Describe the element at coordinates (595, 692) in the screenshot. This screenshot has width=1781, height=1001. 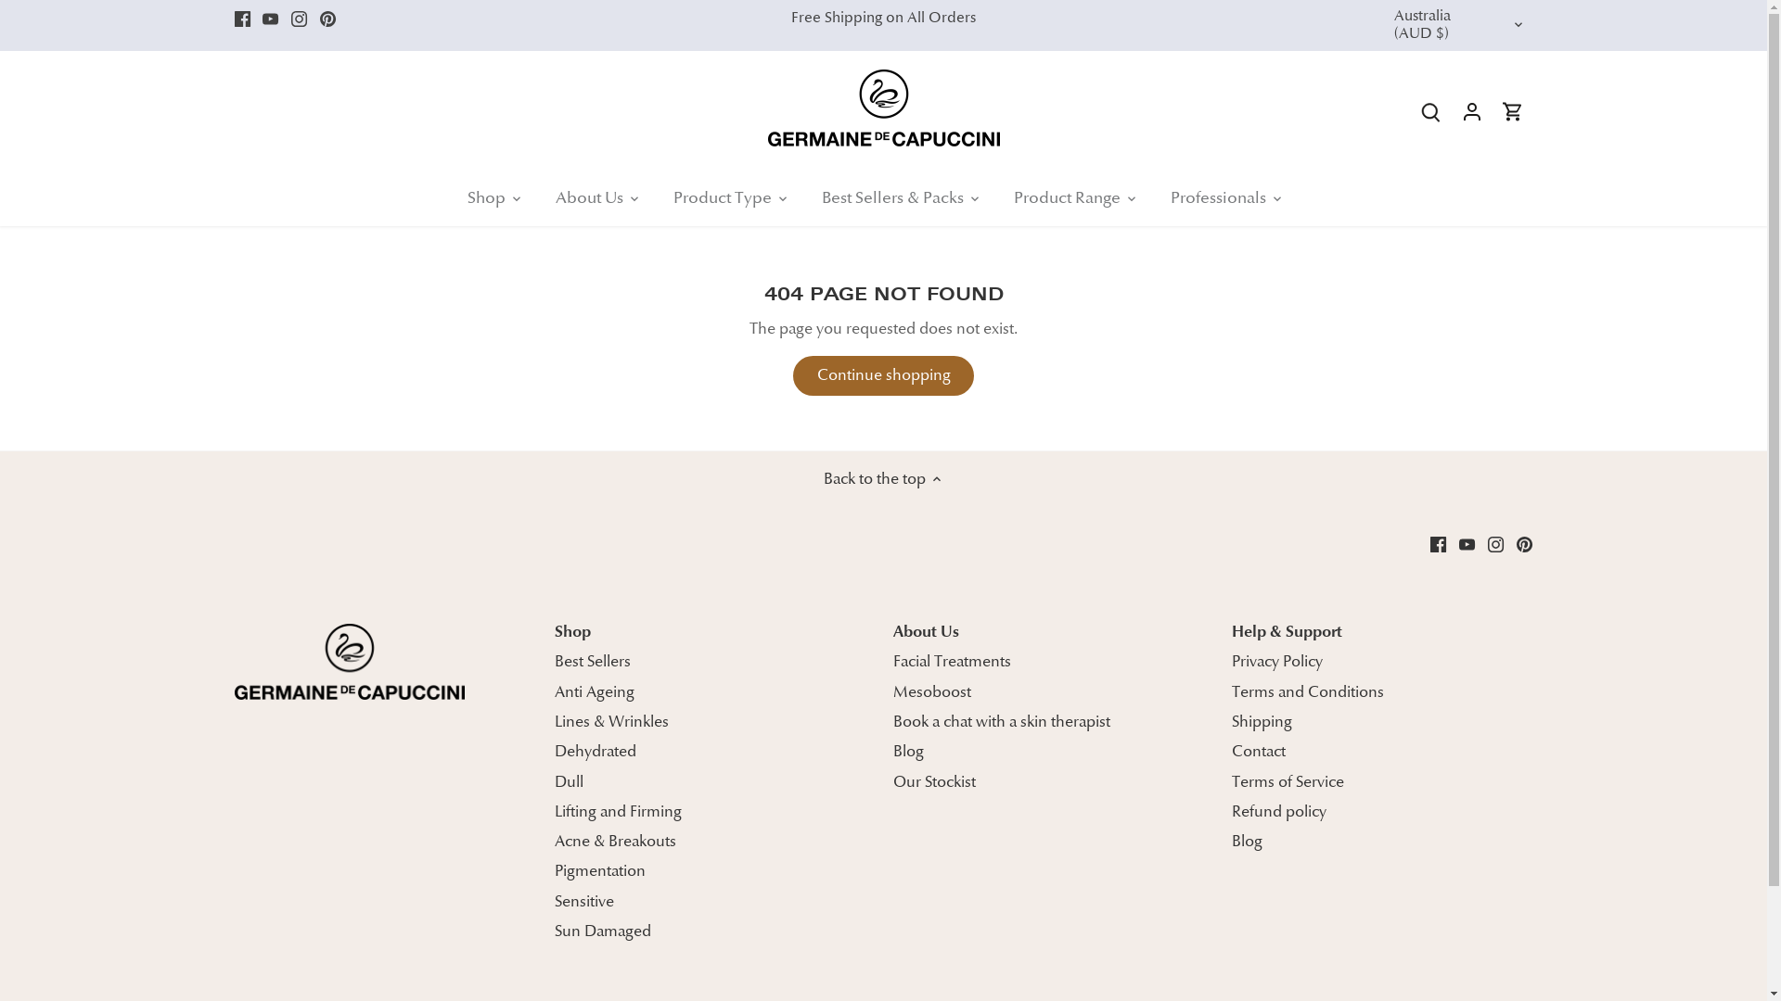
I see `'Anti Ageing'` at that location.